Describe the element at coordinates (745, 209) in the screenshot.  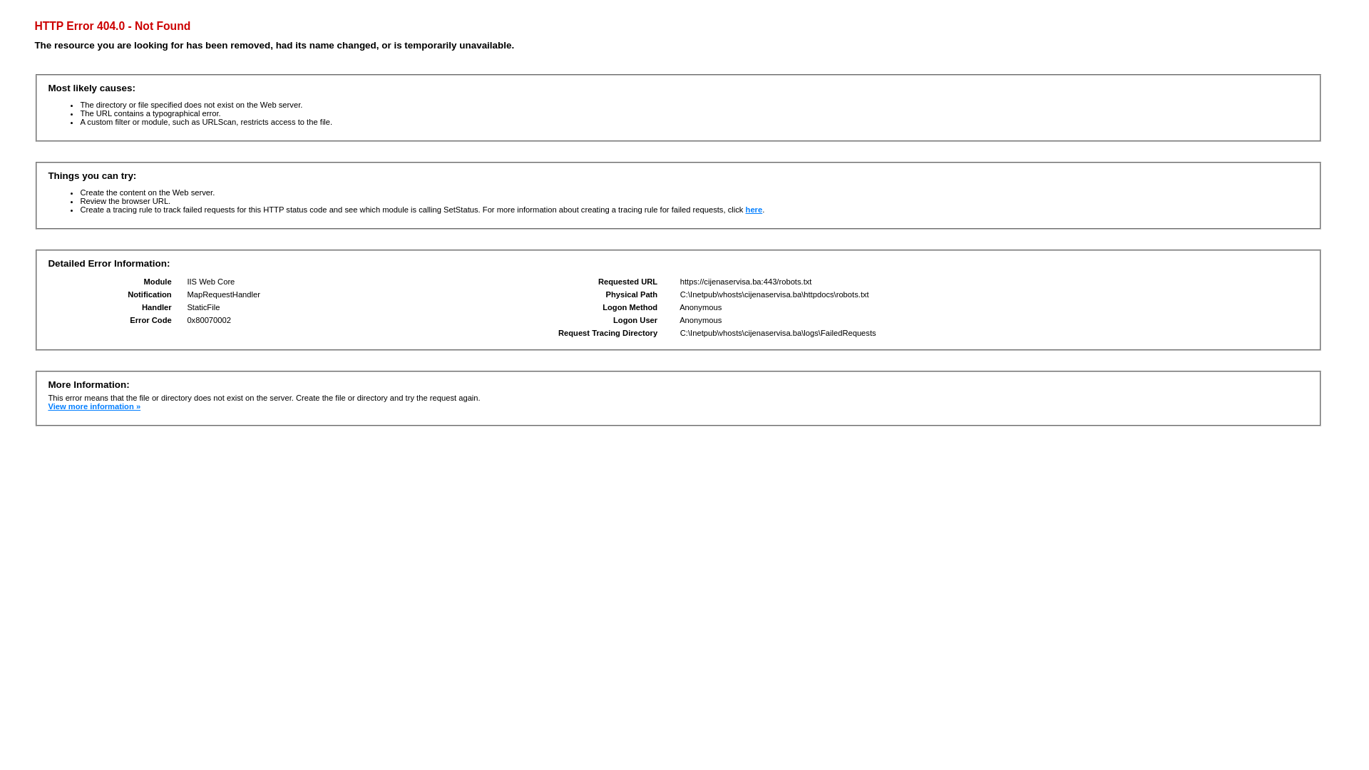
I see `'here'` at that location.